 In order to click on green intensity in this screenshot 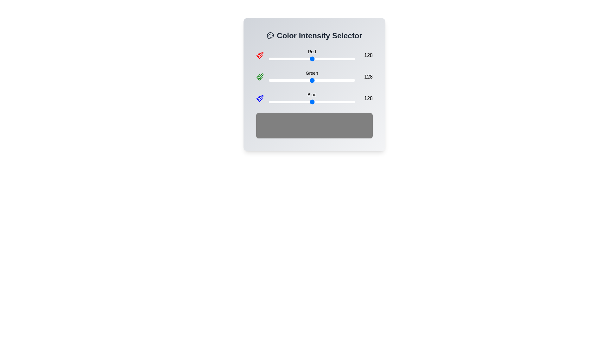, I will do `click(278, 80)`.